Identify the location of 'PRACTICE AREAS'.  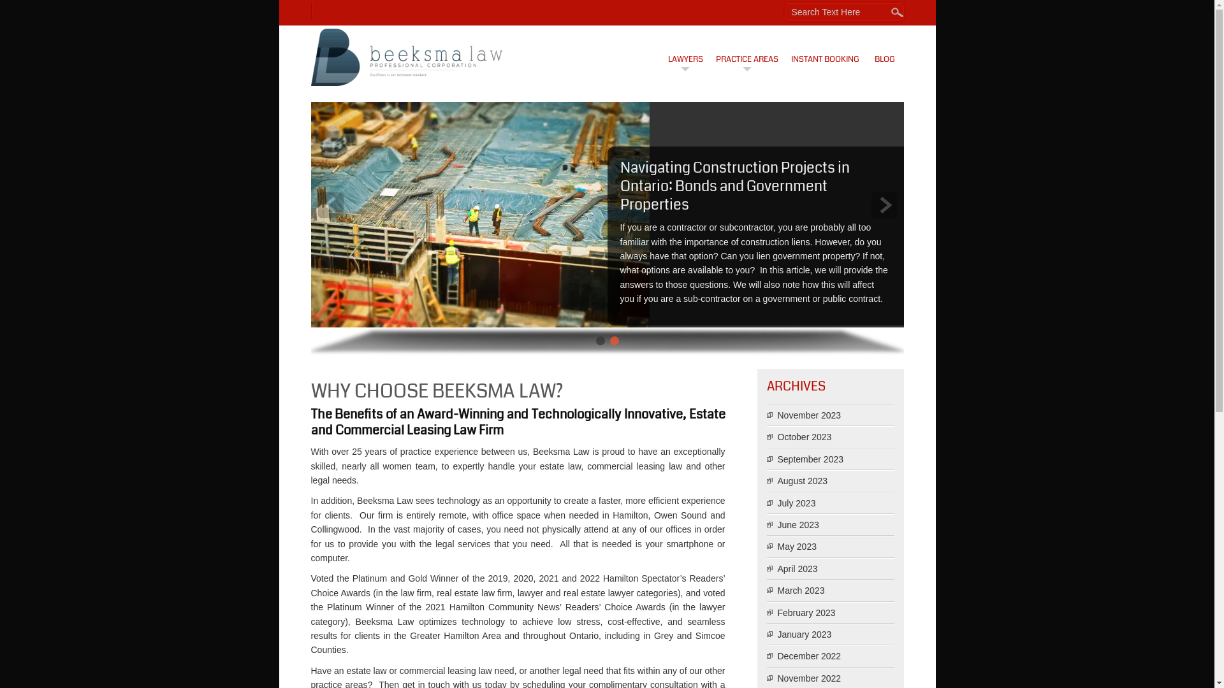
(747, 50).